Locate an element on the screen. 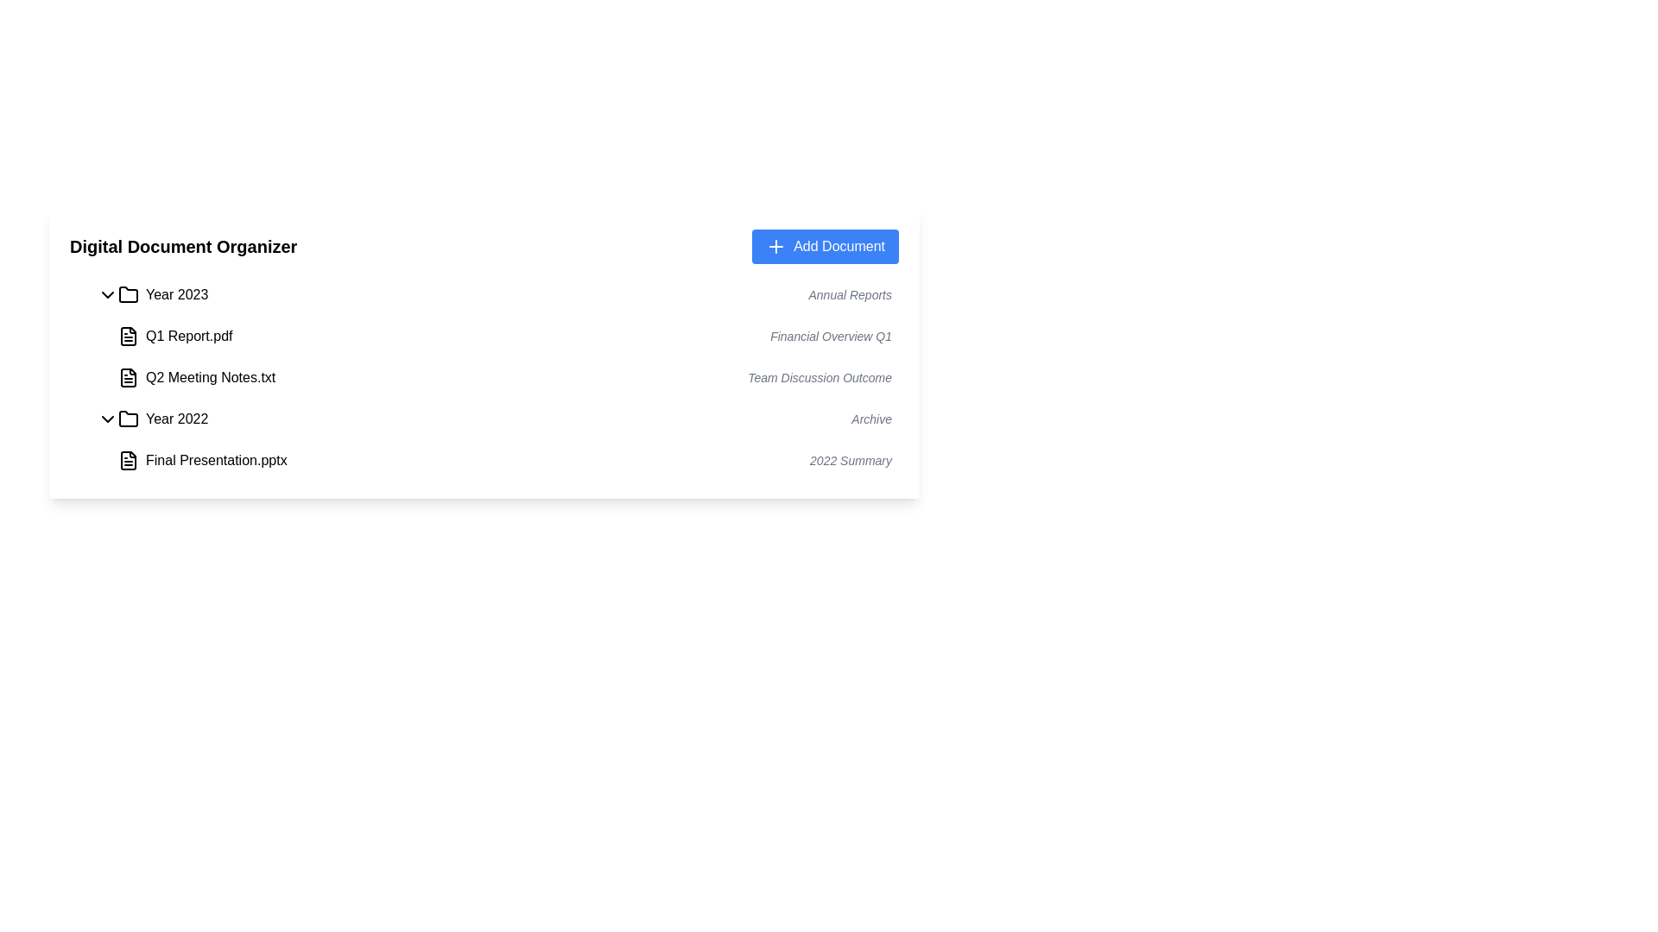  the chevron icon button used for expanding or collapsing the 'Year 2022 Archive' list is located at coordinates (106, 419).